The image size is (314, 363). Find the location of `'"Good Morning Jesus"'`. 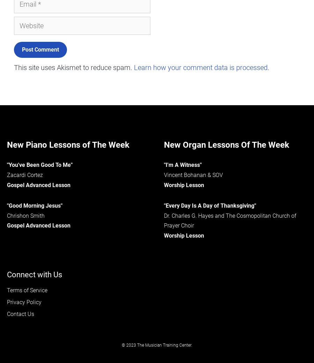

'"Good Morning Jesus"' is located at coordinates (34, 205).